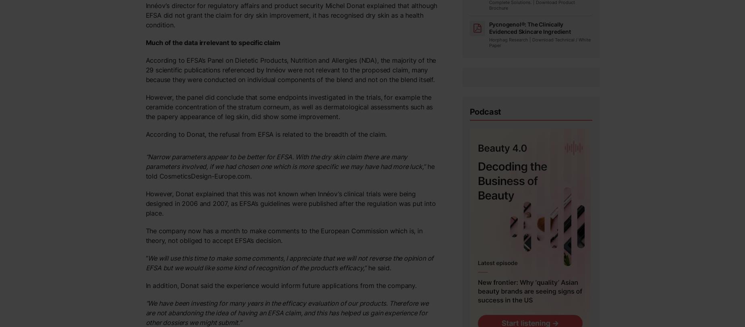 This screenshot has height=327, width=745. What do you see at coordinates (266, 134) in the screenshot?
I see `'According to Donat, the refusal from EFSA is related to the breadth of the claim.'` at bounding box center [266, 134].